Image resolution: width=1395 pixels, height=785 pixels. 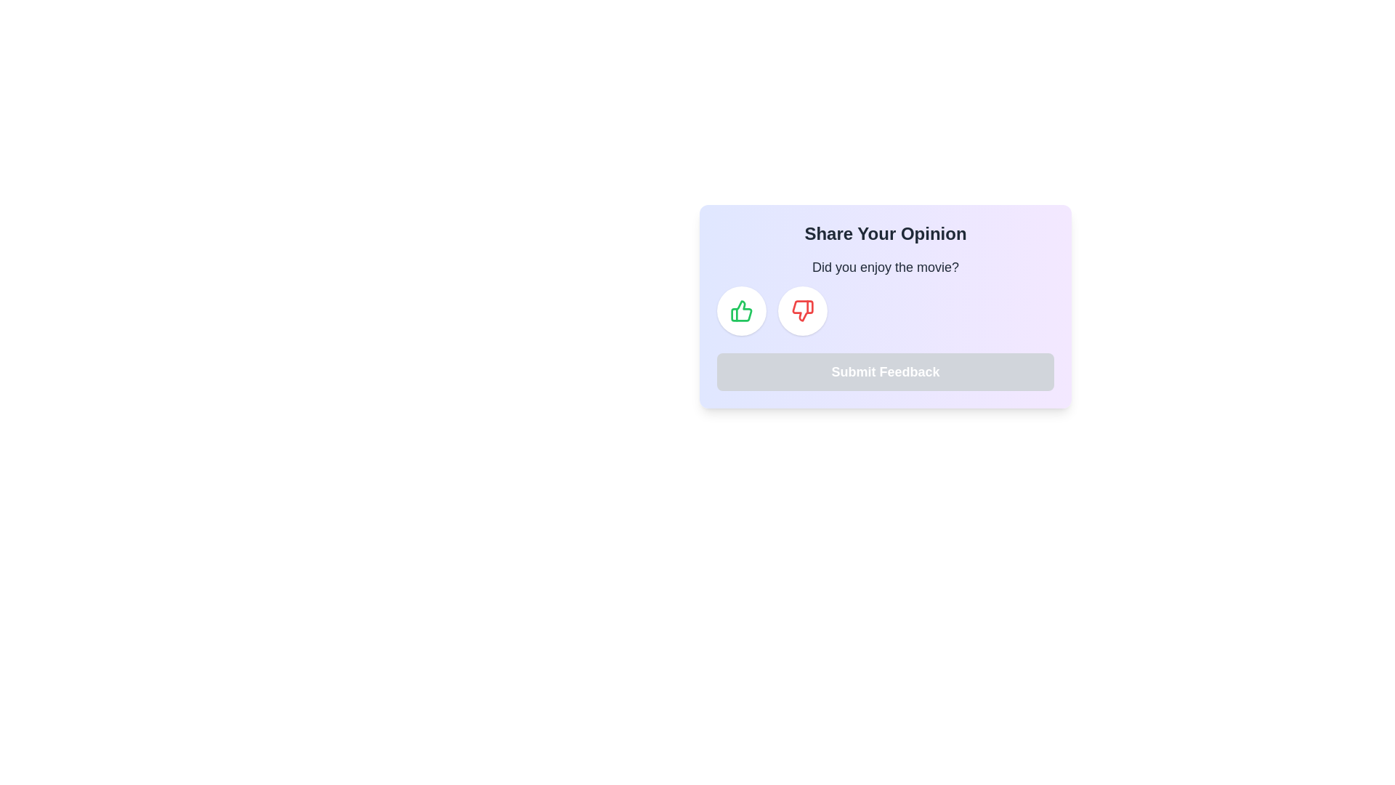 What do you see at coordinates (801, 310) in the screenshot?
I see `the circular button with a white background and a red thumbs-down icon to observe potential hover effects` at bounding box center [801, 310].